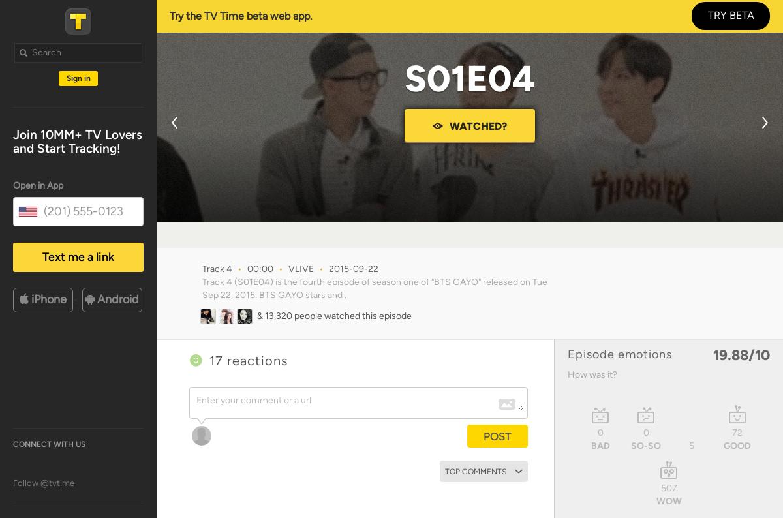 The width and height of the screenshot is (783, 518). I want to click on '2015-09-22', so click(328, 268).